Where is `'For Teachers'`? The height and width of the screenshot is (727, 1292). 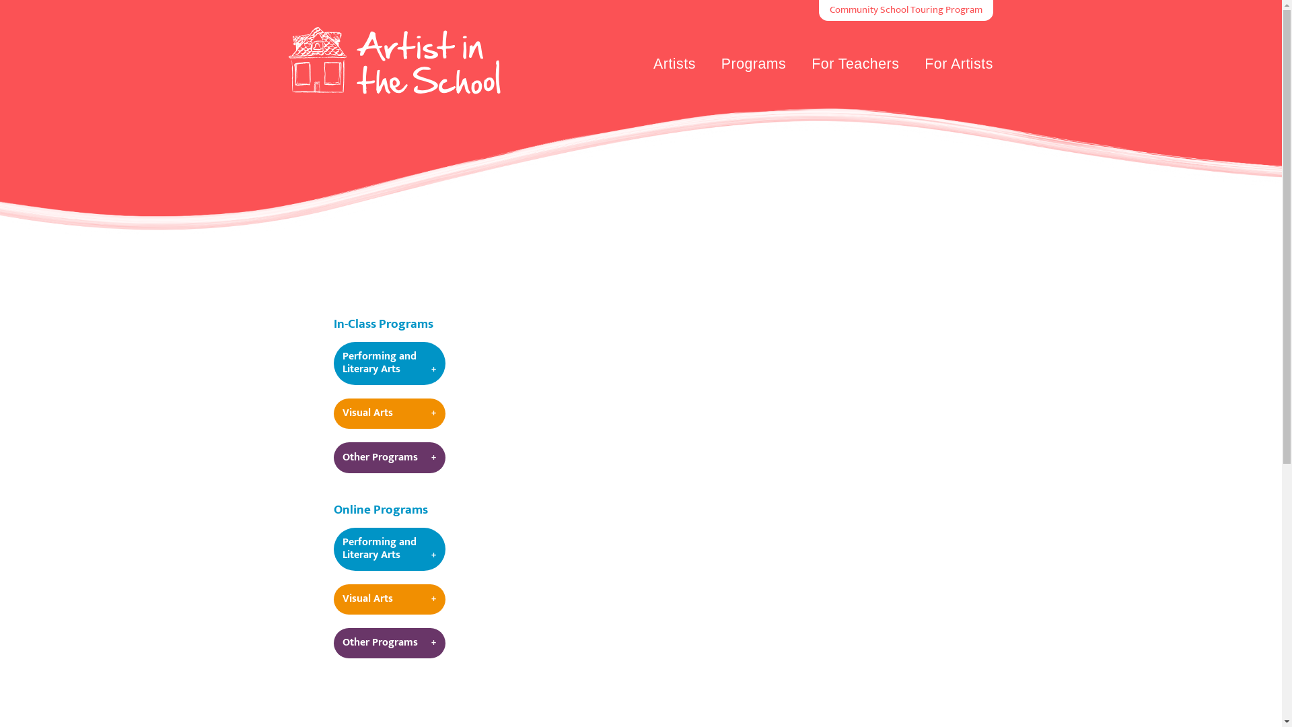 'For Teachers' is located at coordinates (855, 65).